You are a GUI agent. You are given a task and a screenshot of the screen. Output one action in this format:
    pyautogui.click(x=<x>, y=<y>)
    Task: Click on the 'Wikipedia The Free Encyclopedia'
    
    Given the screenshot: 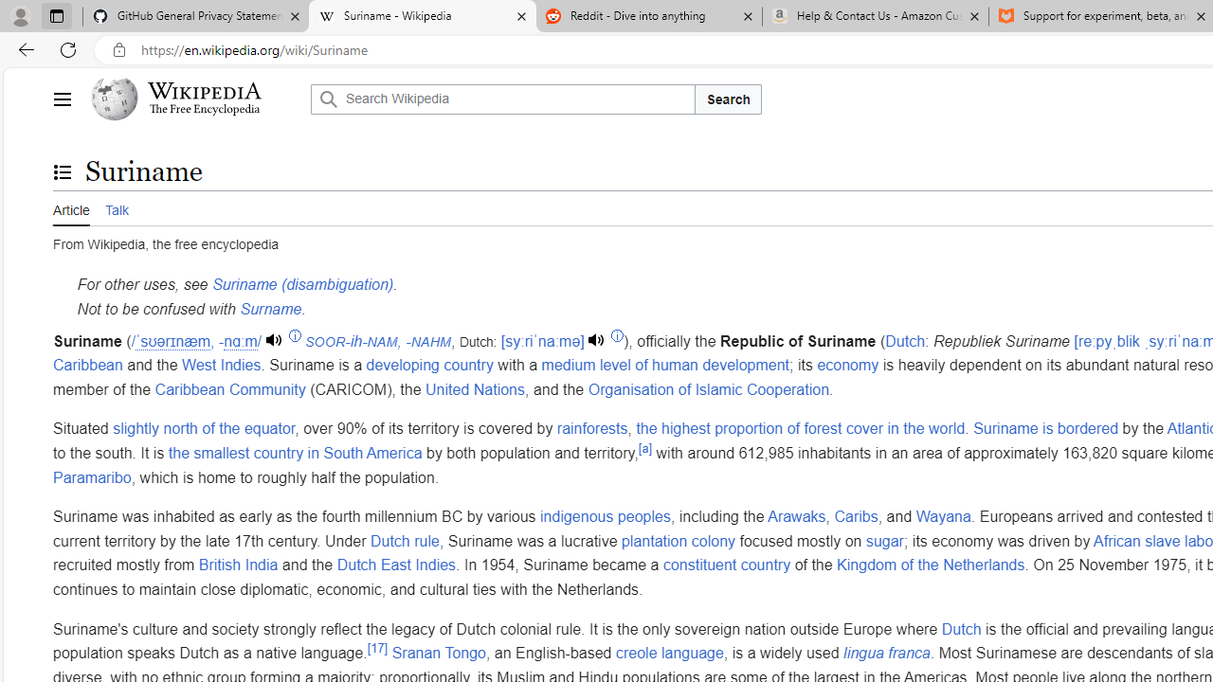 What is the action you would take?
    pyautogui.click(x=195, y=99)
    